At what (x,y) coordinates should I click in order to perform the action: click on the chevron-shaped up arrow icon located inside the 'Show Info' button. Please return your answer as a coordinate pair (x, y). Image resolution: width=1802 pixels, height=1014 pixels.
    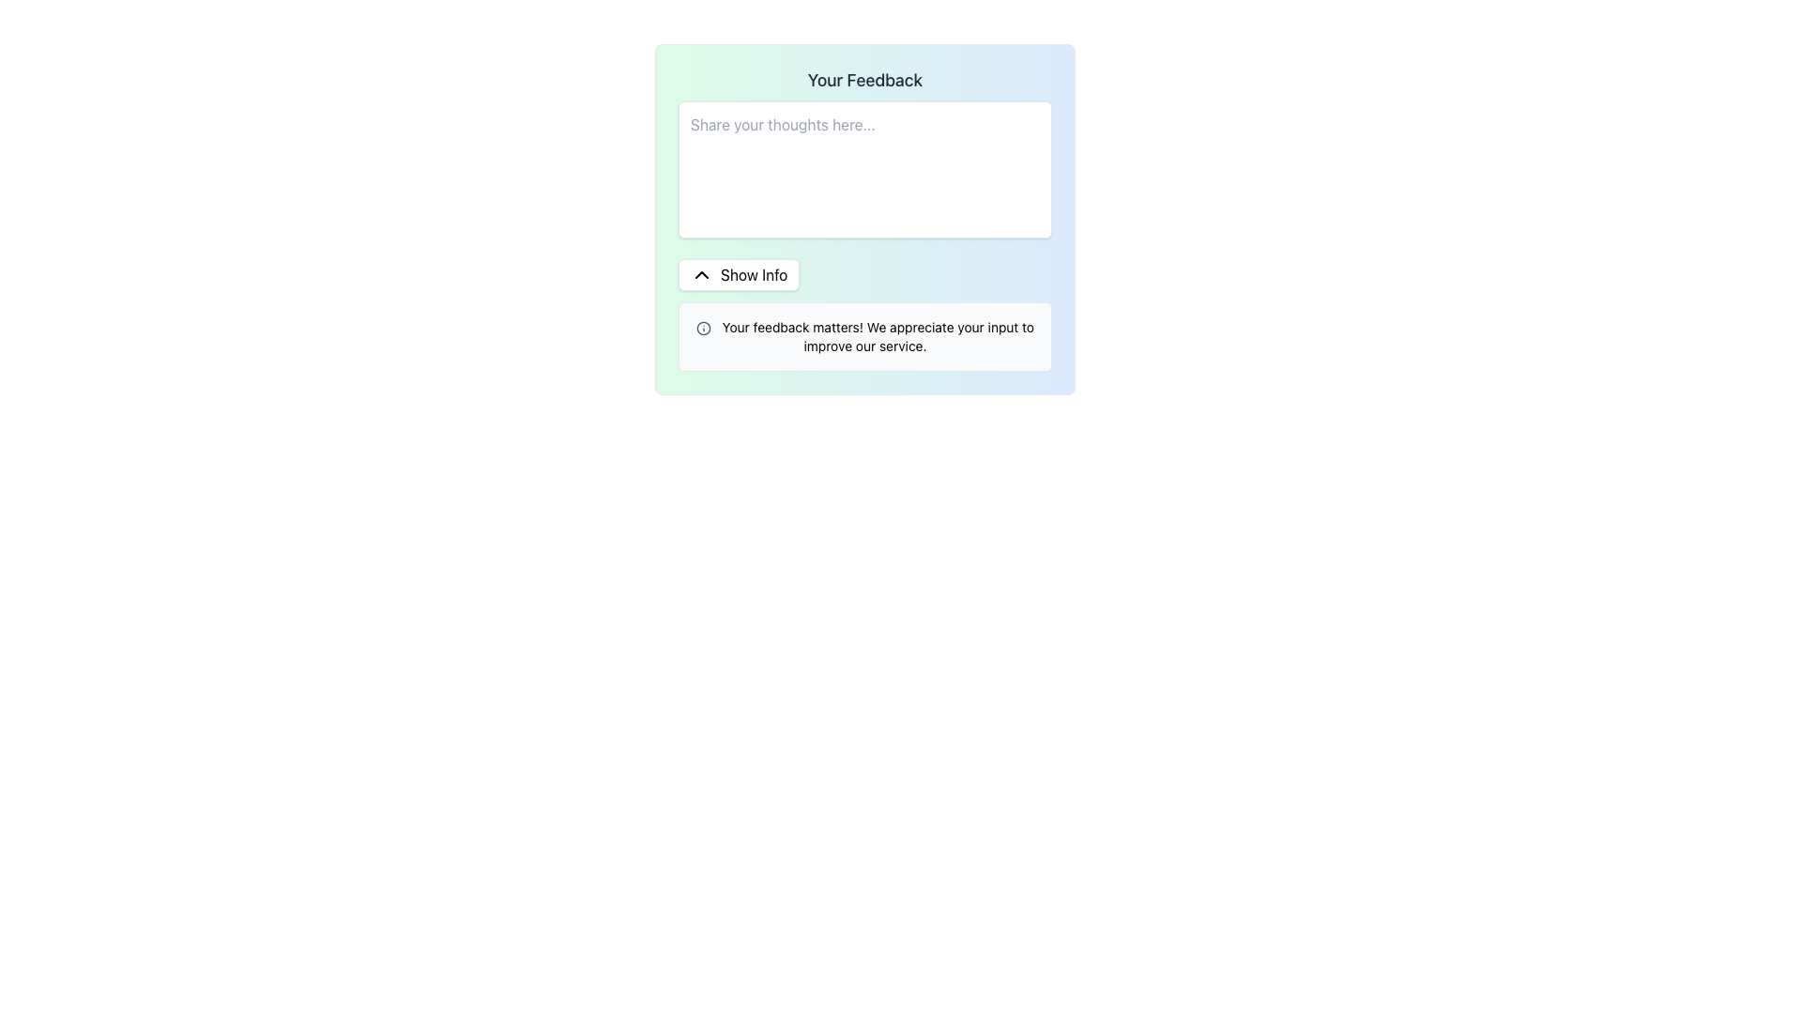
    Looking at the image, I should click on (701, 275).